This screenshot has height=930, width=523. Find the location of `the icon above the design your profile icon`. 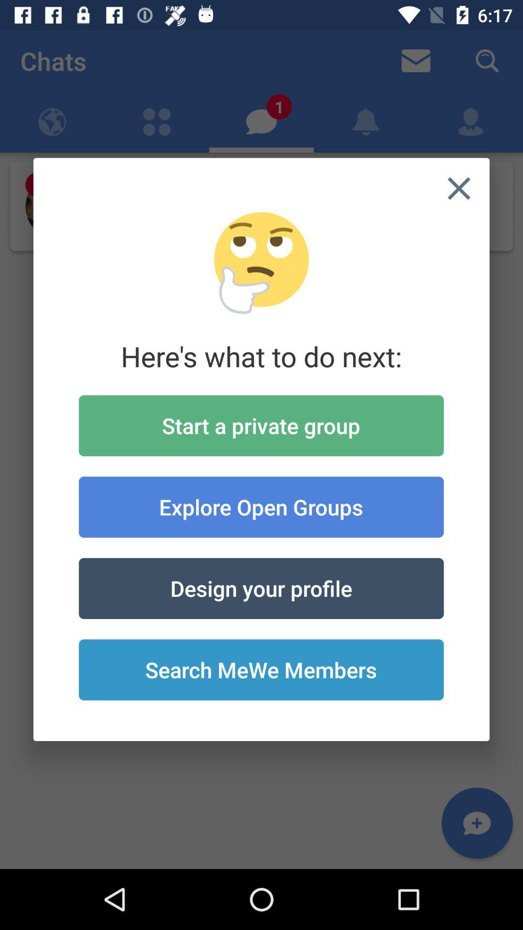

the icon above the design your profile icon is located at coordinates (261, 506).